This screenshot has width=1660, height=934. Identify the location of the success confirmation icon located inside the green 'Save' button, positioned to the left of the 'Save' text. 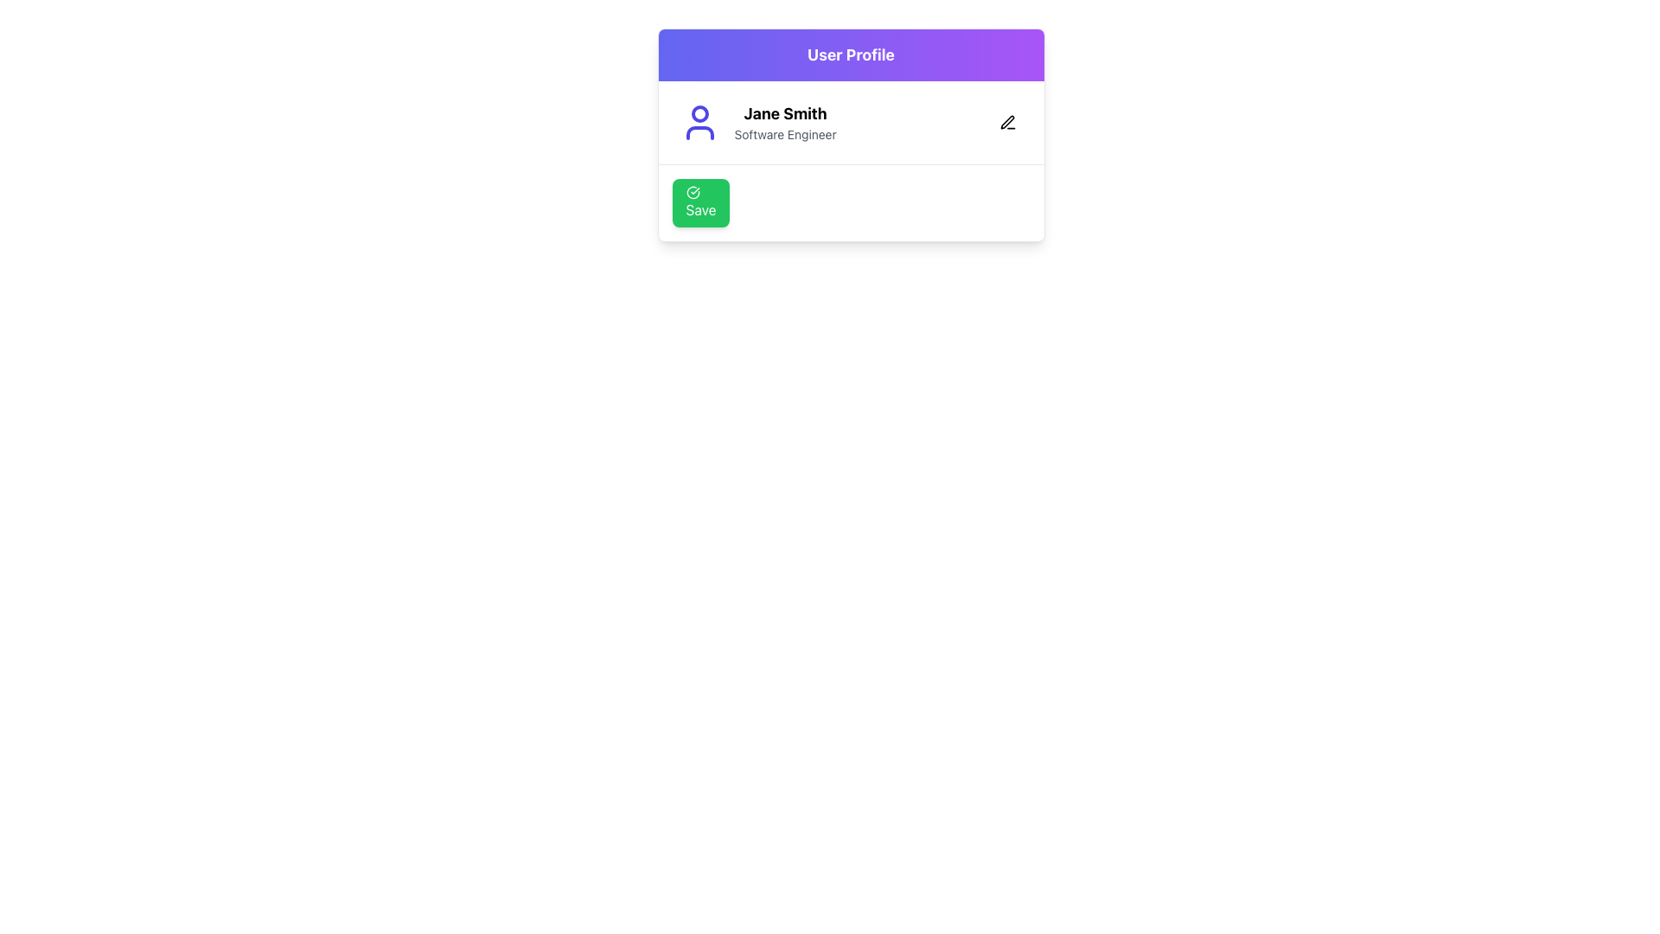
(693, 193).